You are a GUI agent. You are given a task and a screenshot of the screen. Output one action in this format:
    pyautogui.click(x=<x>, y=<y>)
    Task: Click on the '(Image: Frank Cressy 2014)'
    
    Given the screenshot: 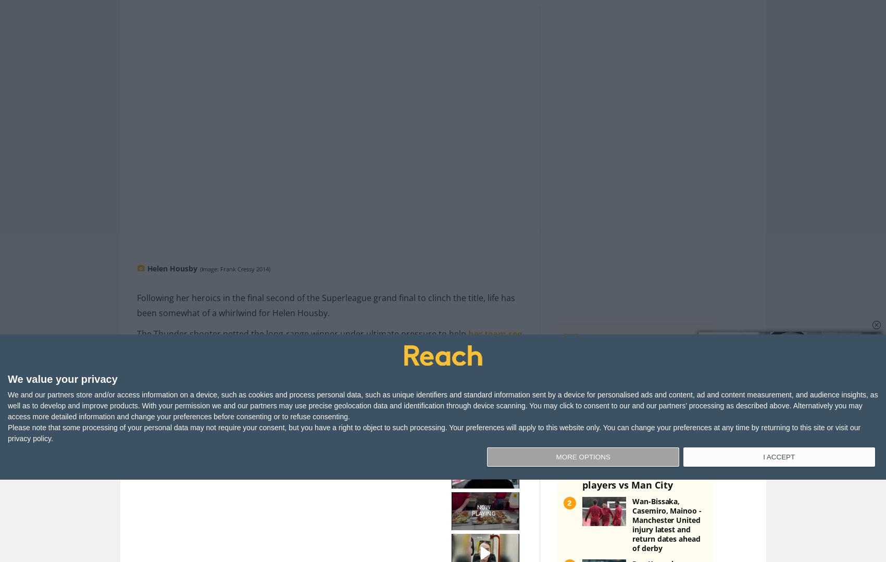 What is the action you would take?
    pyautogui.click(x=233, y=251)
    